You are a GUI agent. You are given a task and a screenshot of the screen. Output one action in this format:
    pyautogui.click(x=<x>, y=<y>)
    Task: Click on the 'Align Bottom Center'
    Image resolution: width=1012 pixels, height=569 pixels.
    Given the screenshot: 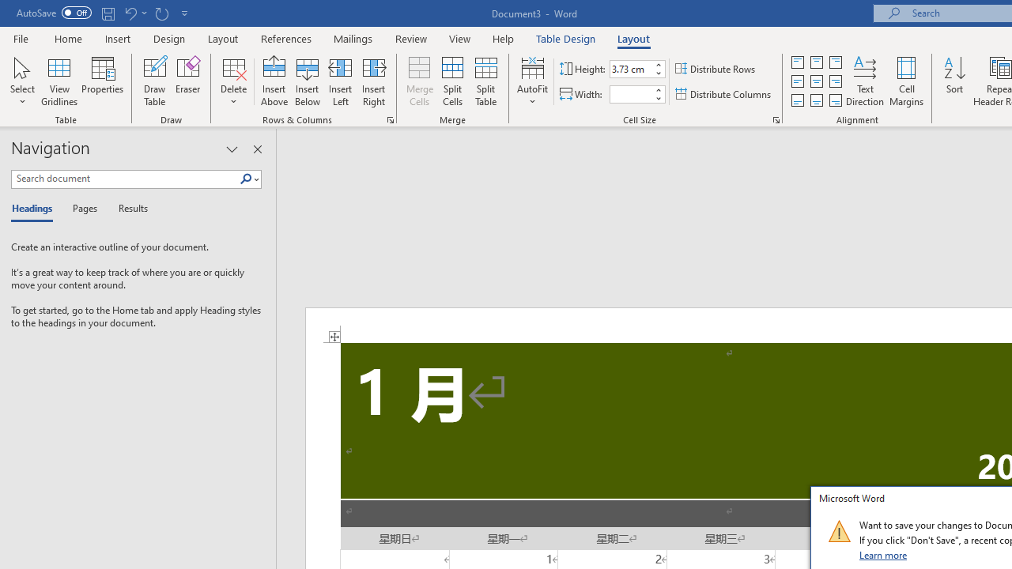 What is the action you would take?
    pyautogui.click(x=816, y=100)
    